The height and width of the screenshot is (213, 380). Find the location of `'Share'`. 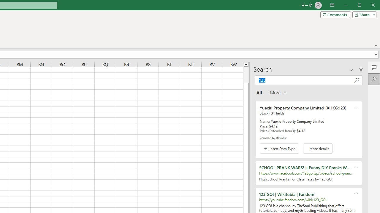

'Share' is located at coordinates (363, 14).